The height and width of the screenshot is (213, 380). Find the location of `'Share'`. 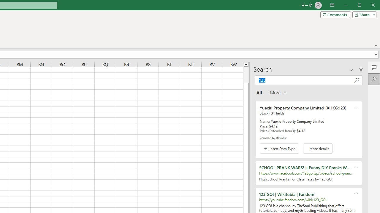

'Share' is located at coordinates (363, 14).